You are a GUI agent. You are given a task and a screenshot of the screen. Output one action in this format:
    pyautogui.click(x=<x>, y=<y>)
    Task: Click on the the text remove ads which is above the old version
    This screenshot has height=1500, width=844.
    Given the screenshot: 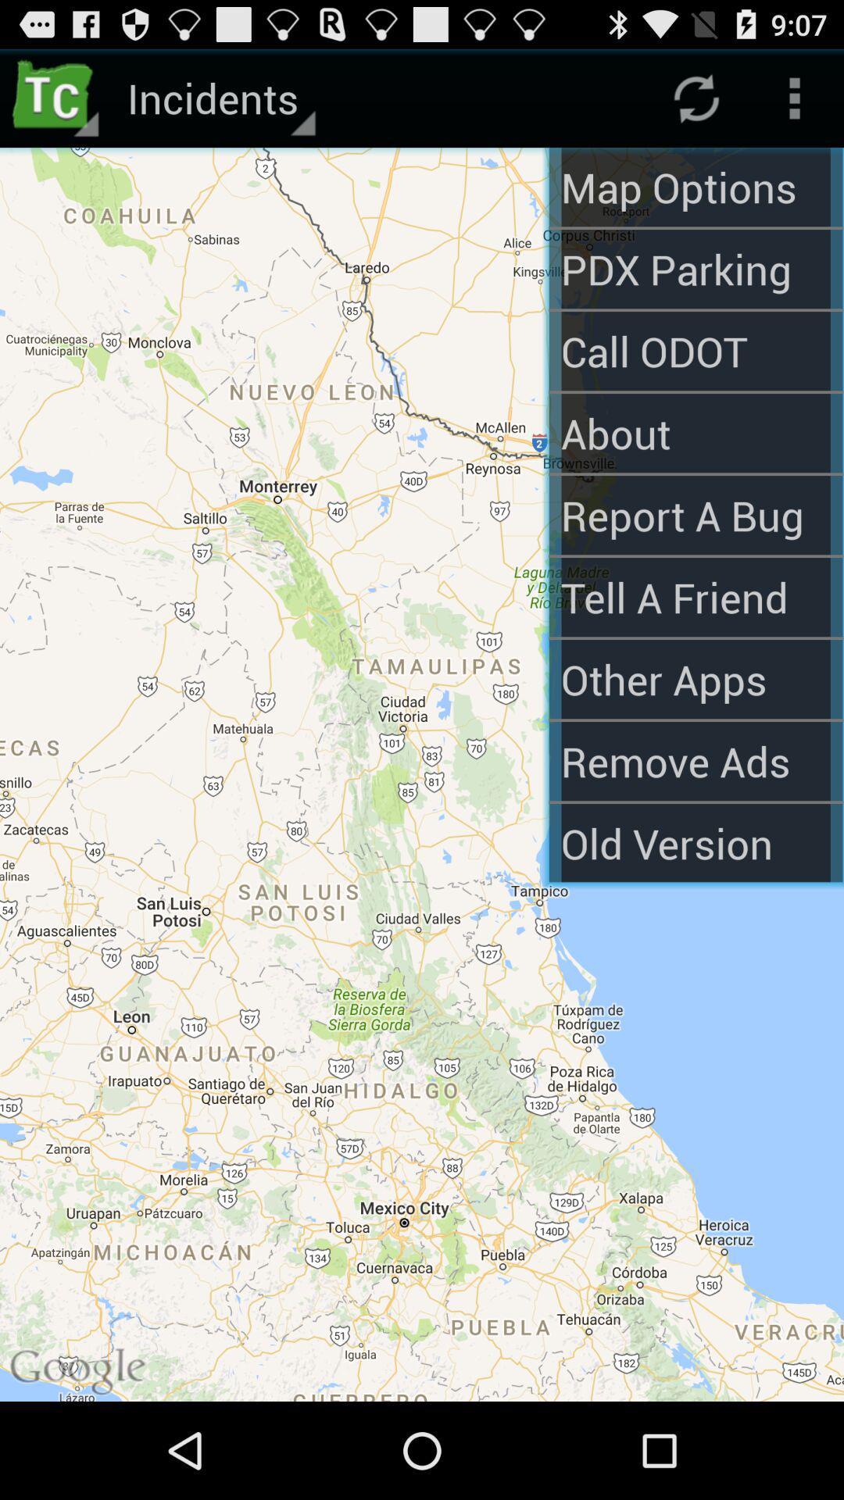 What is the action you would take?
    pyautogui.click(x=695, y=761)
    